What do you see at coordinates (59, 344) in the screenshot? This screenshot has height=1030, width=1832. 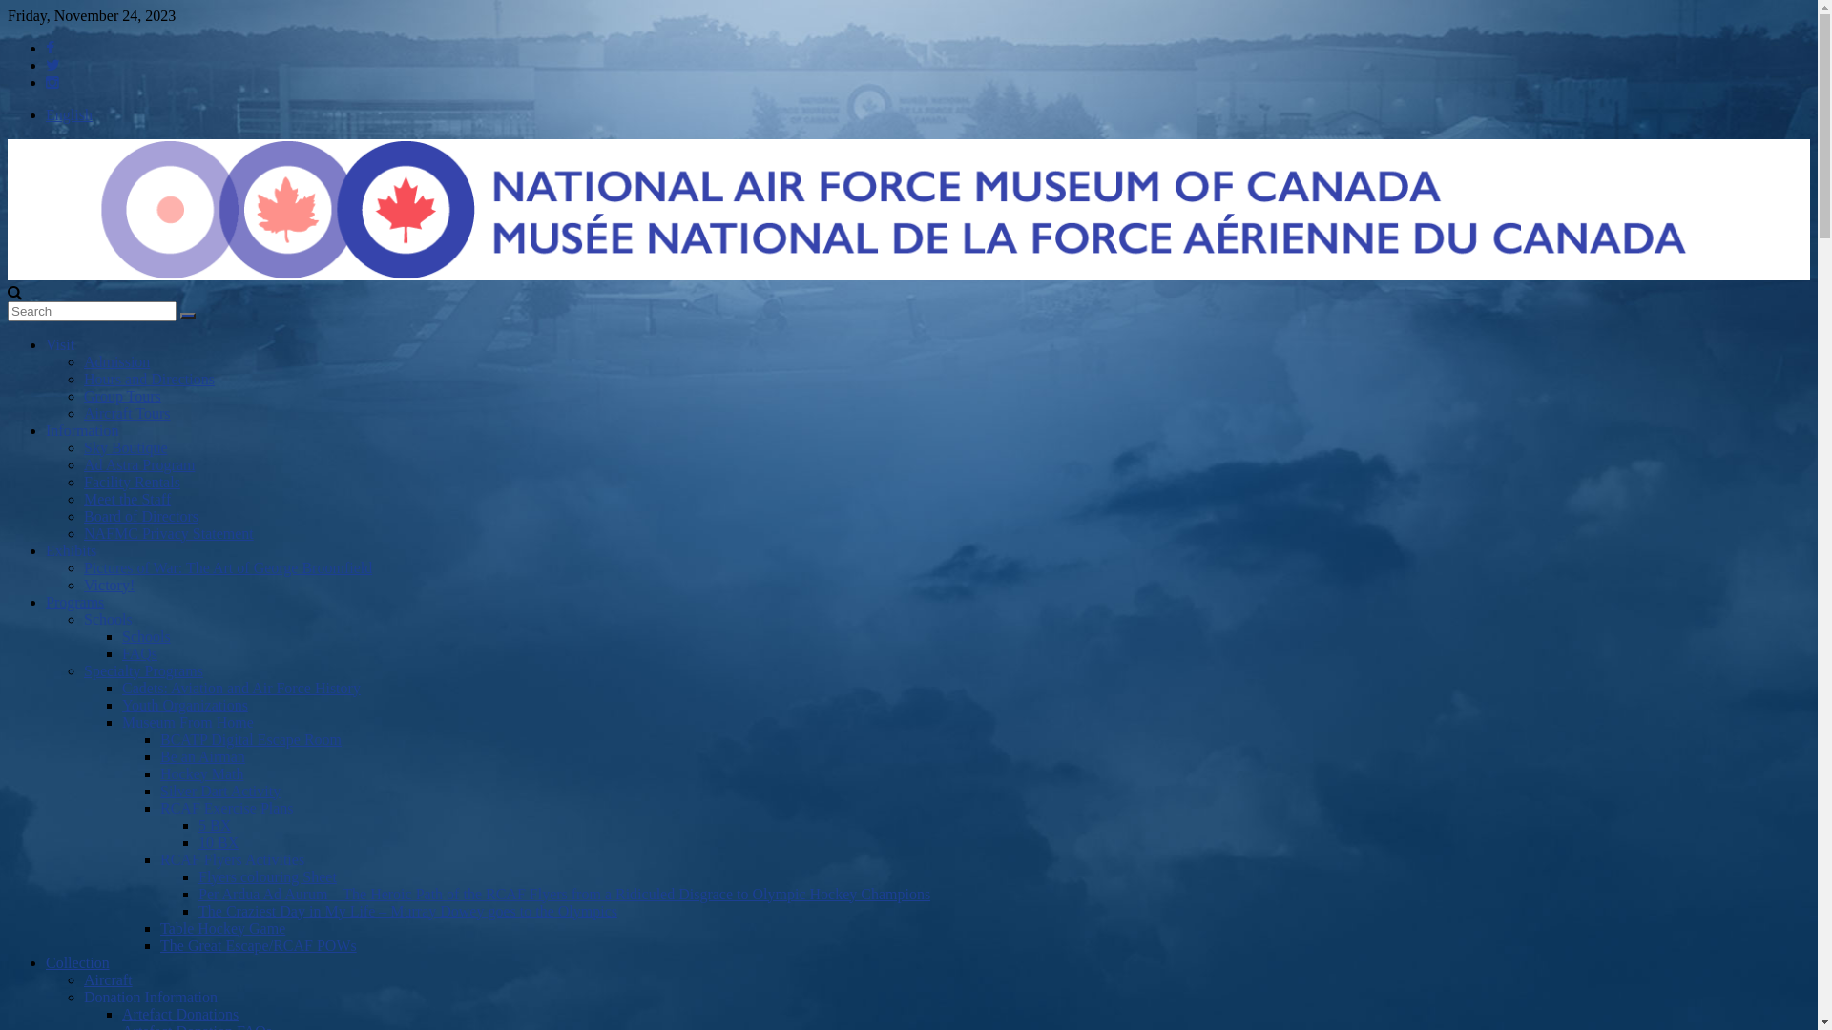 I see `'Visit'` at bounding box center [59, 344].